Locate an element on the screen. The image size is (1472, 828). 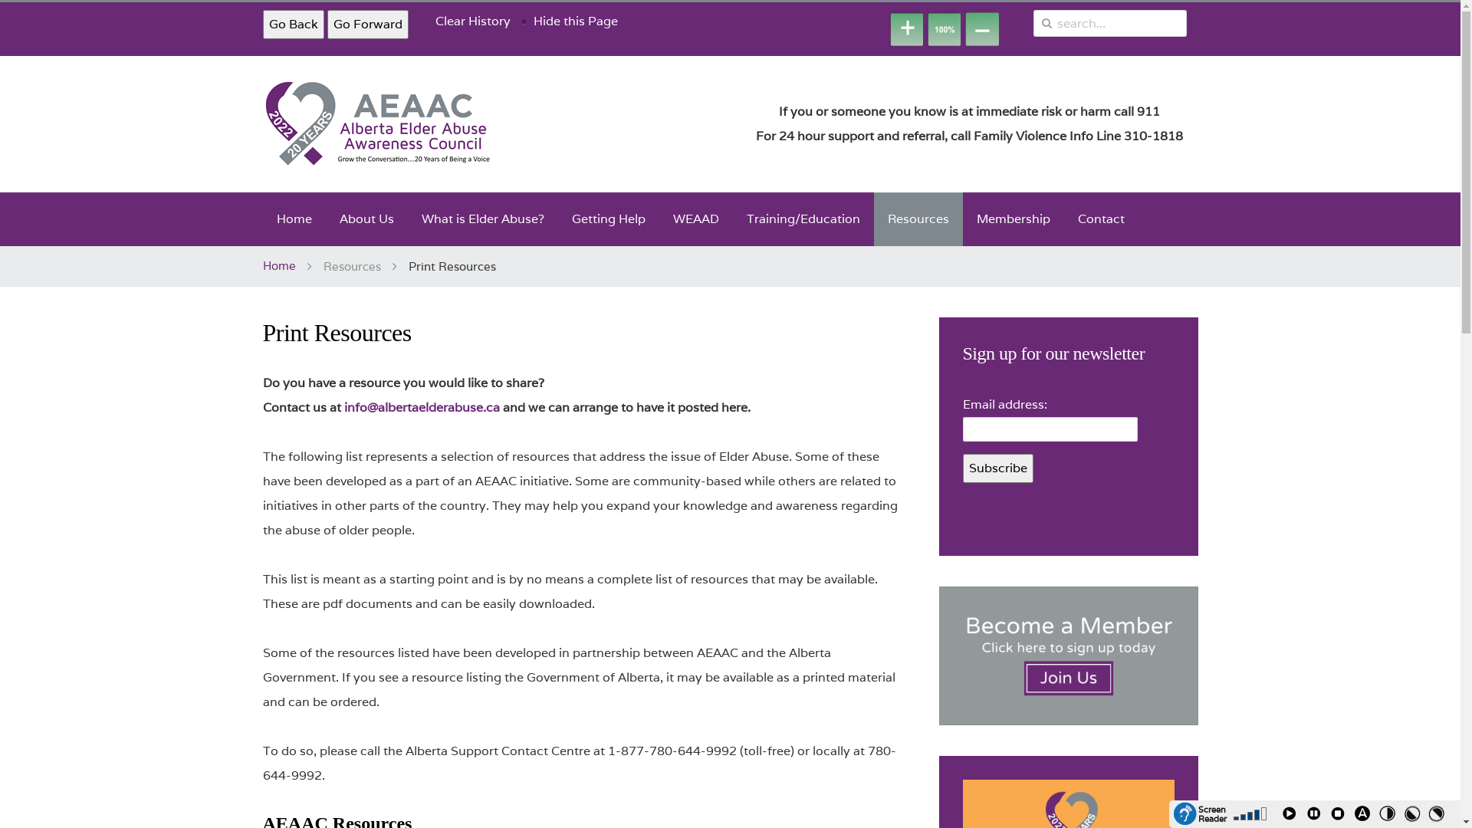
'WEAAD' is located at coordinates (695, 219).